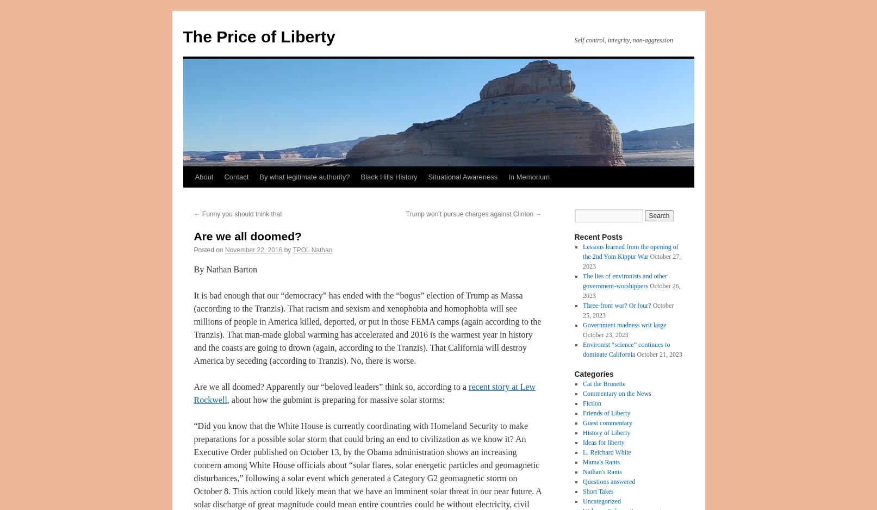 This screenshot has height=510, width=877. I want to click on 'Uncategorized', so click(601, 500).